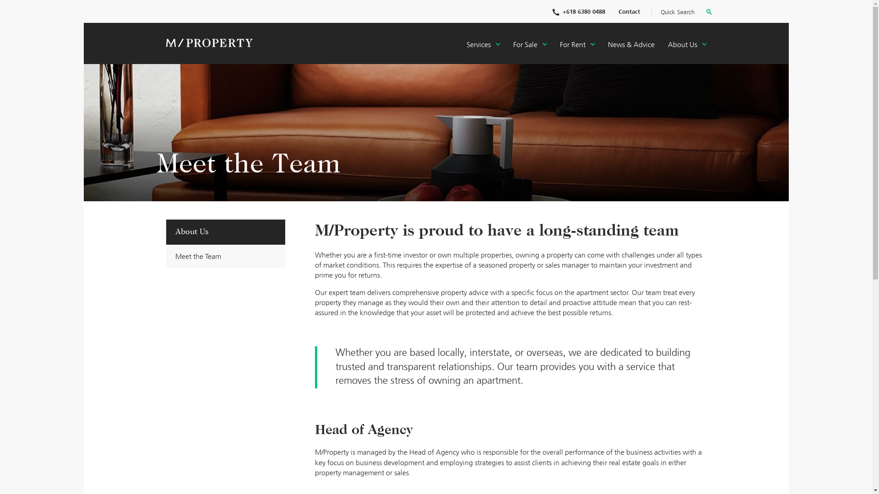  Describe the element at coordinates (630, 45) in the screenshot. I see `'News & Advice'` at that location.